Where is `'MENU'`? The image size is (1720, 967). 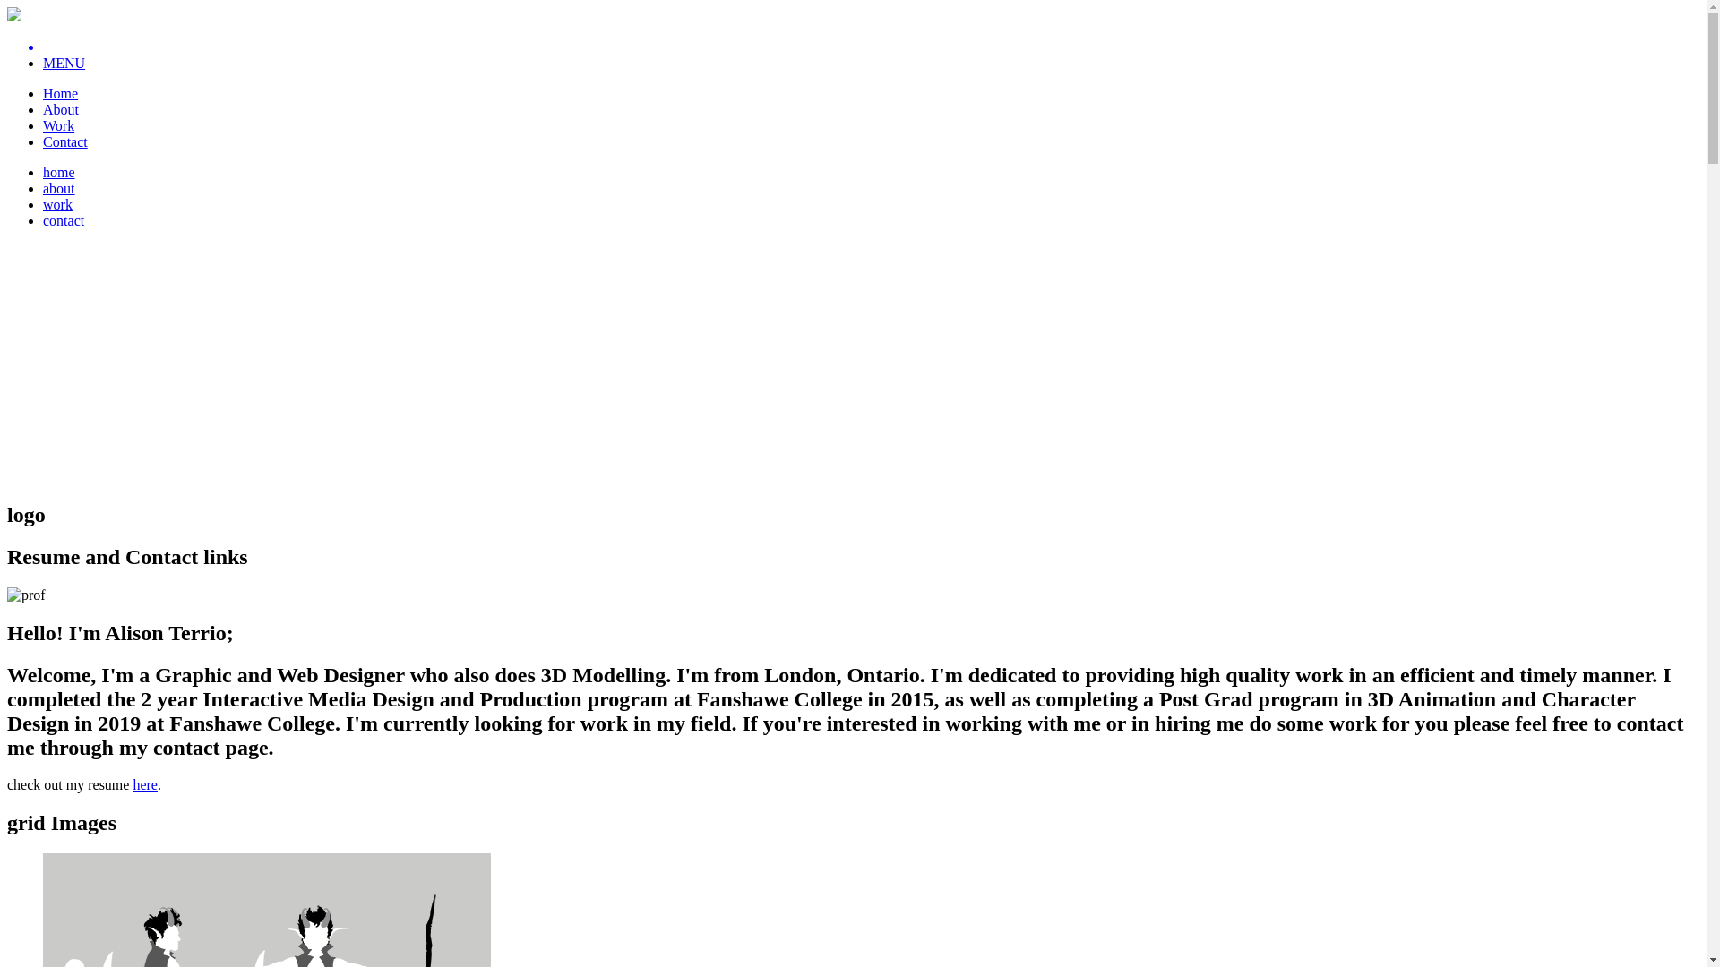 'MENU' is located at coordinates (43, 62).